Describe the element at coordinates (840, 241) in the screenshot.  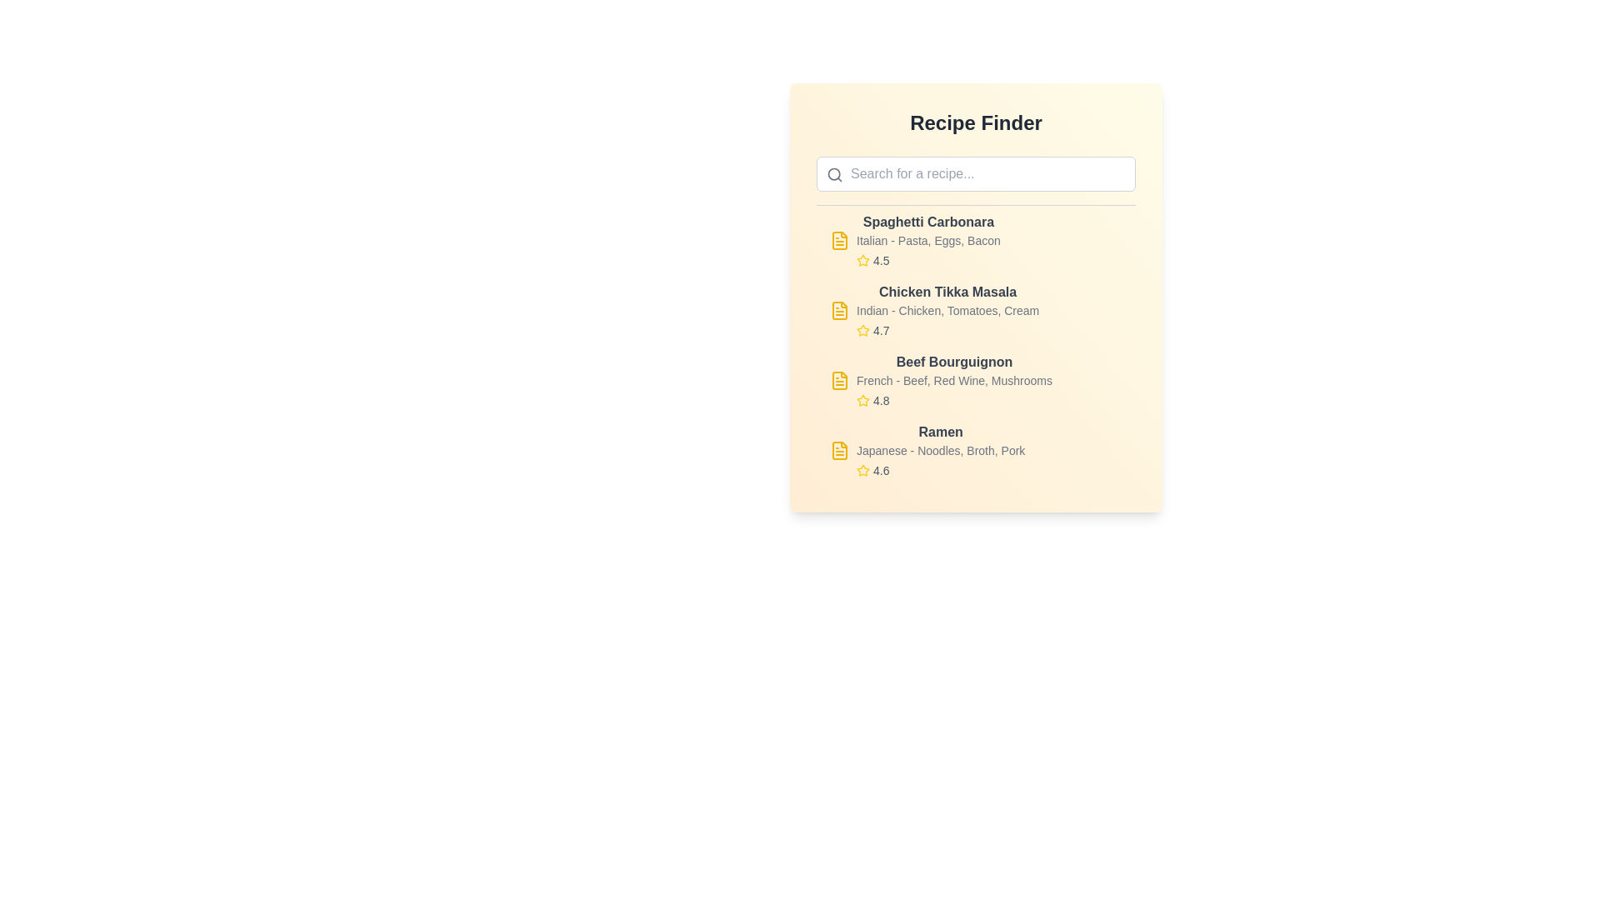
I see `the yellow document icon located to the left of the text 'Spaghetti Carbonara' in the list entry` at that location.